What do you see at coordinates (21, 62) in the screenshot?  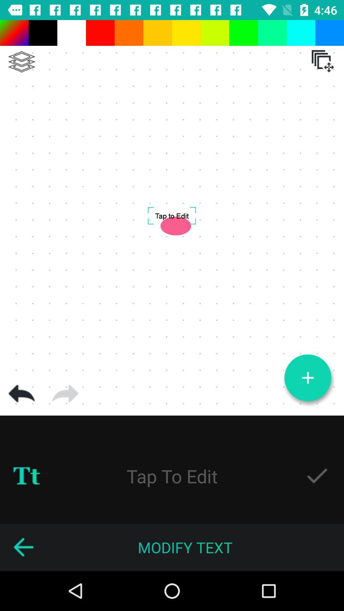 I see `compile option` at bounding box center [21, 62].